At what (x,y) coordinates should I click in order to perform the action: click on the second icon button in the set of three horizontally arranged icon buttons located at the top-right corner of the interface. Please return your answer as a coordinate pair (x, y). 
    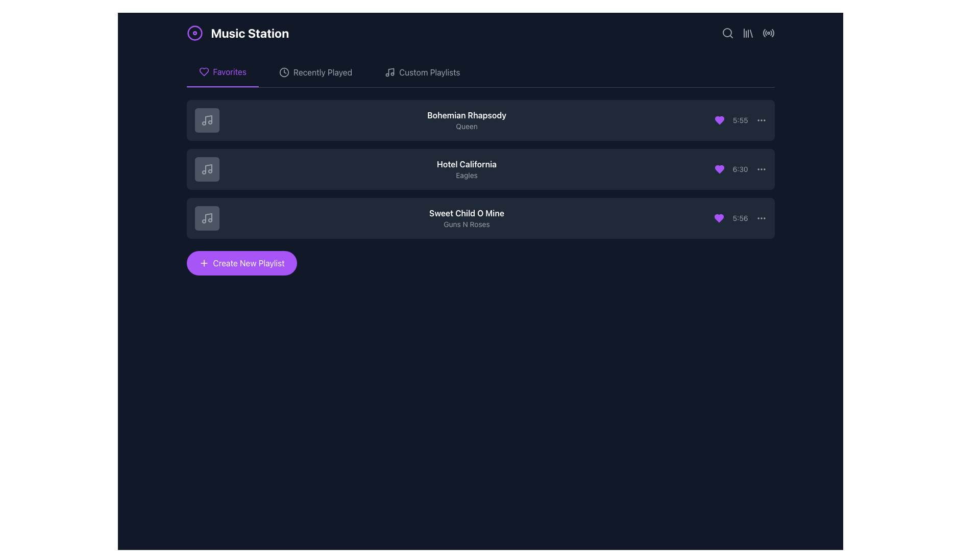
    Looking at the image, I should click on (748, 33).